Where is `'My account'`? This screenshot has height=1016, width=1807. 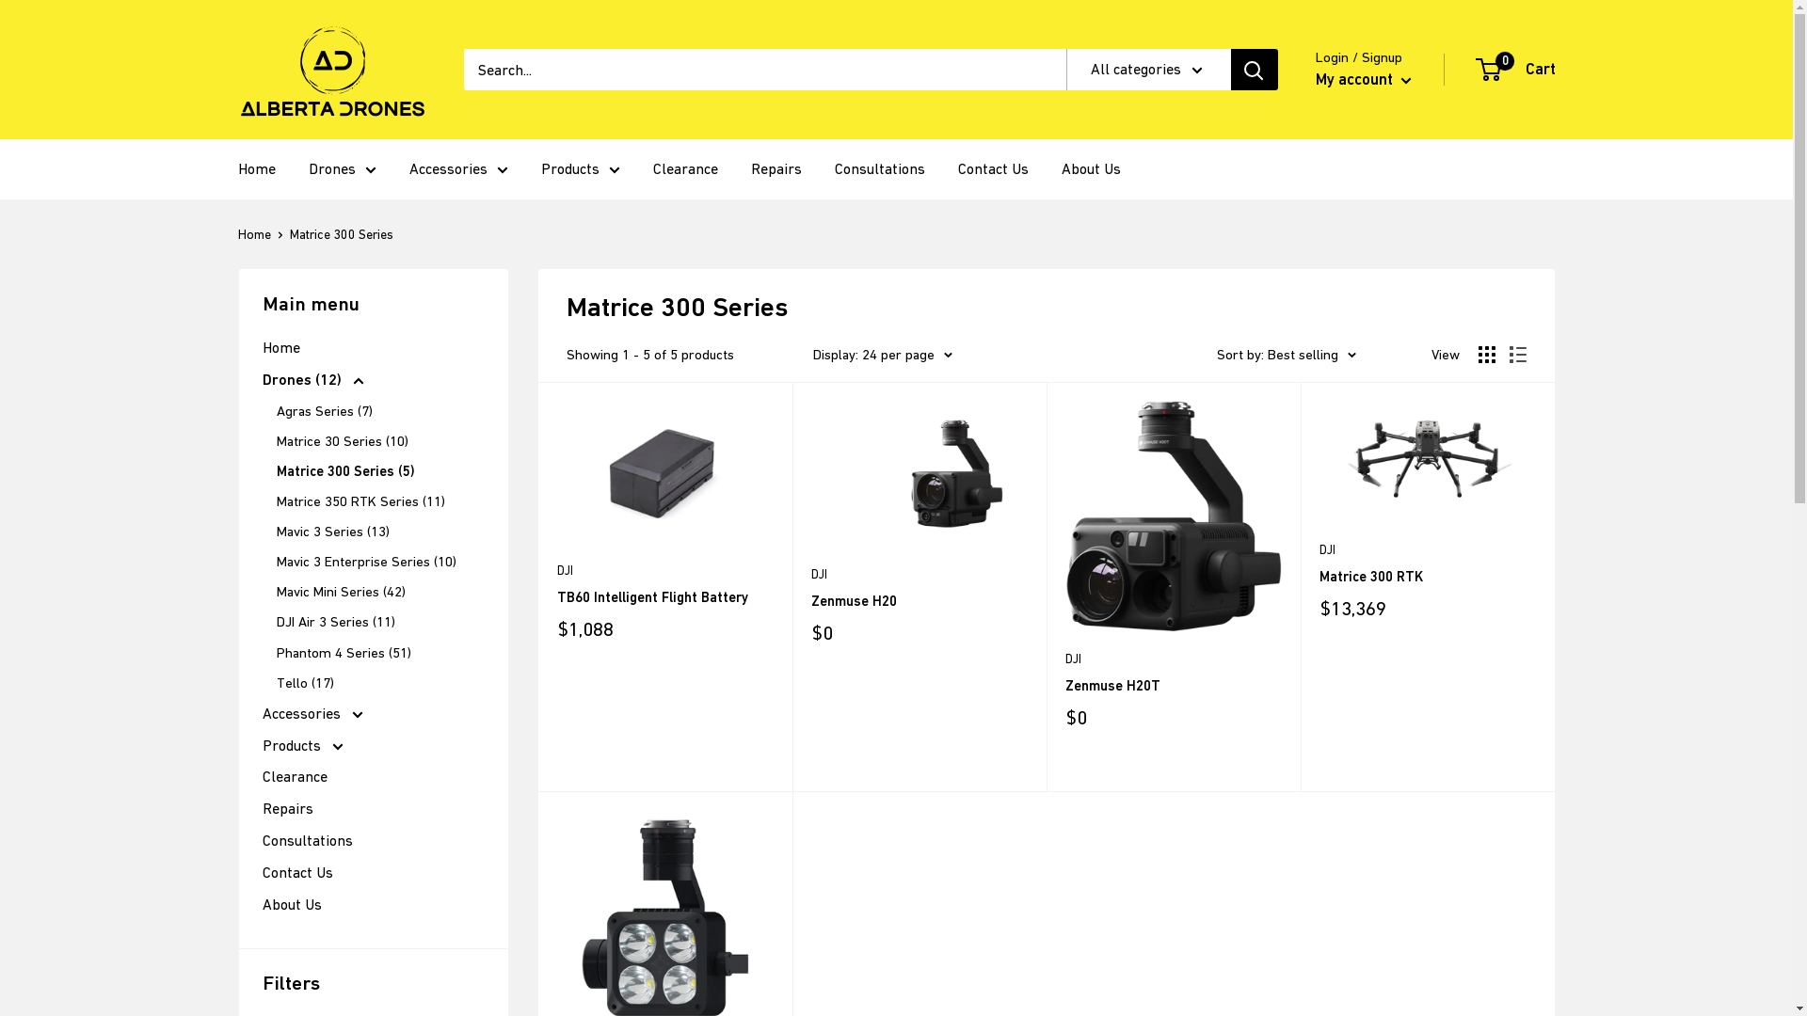 'My account' is located at coordinates (1364, 78).